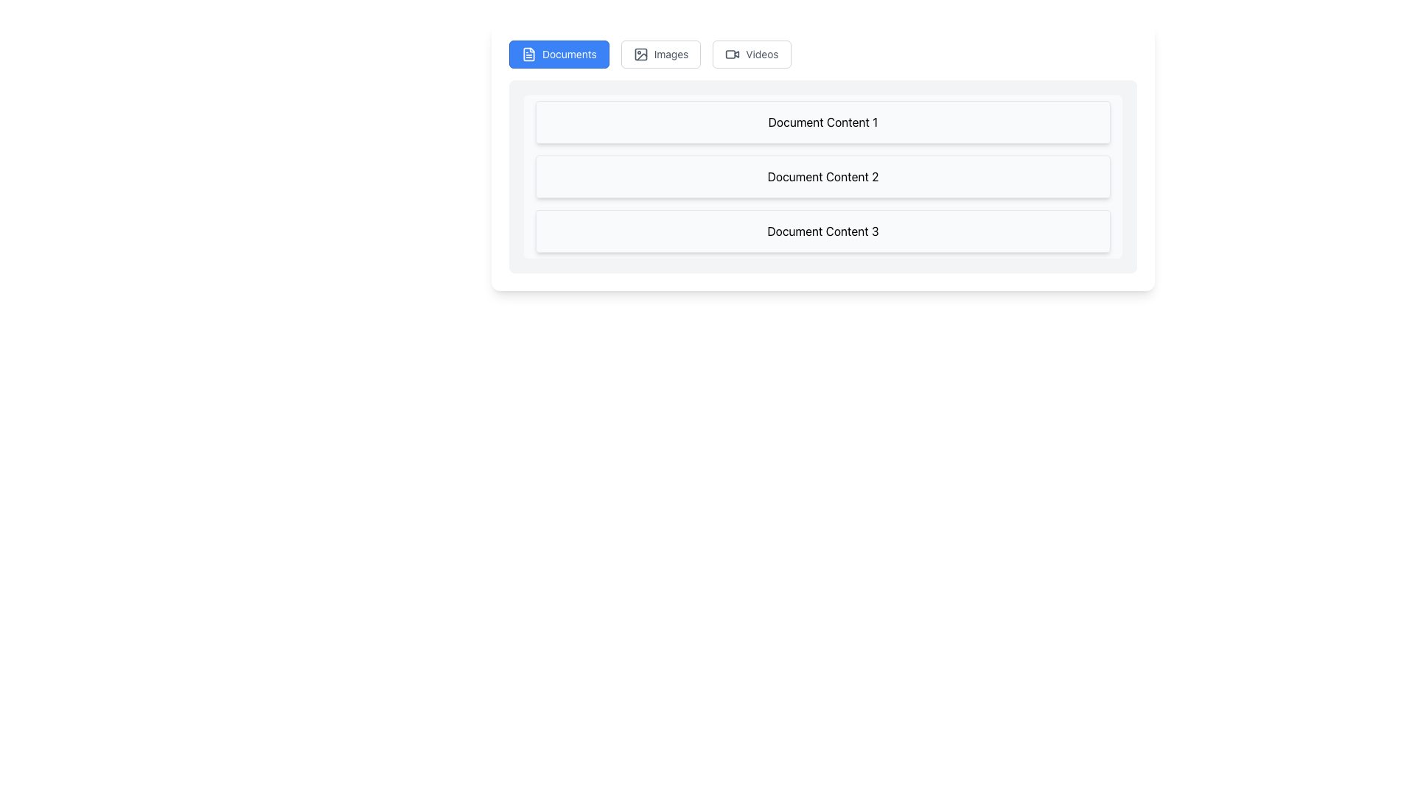 The height and width of the screenshot is (796, 1415). Describe the element at coordinates (640, 53) in the screenshot. I see `the icon representing an image, which features a thin outline, a rounded rectangle, a circle, and a diagonal cross pattern, located within the navigation bar adjacent to the 'Images' text` at that location.